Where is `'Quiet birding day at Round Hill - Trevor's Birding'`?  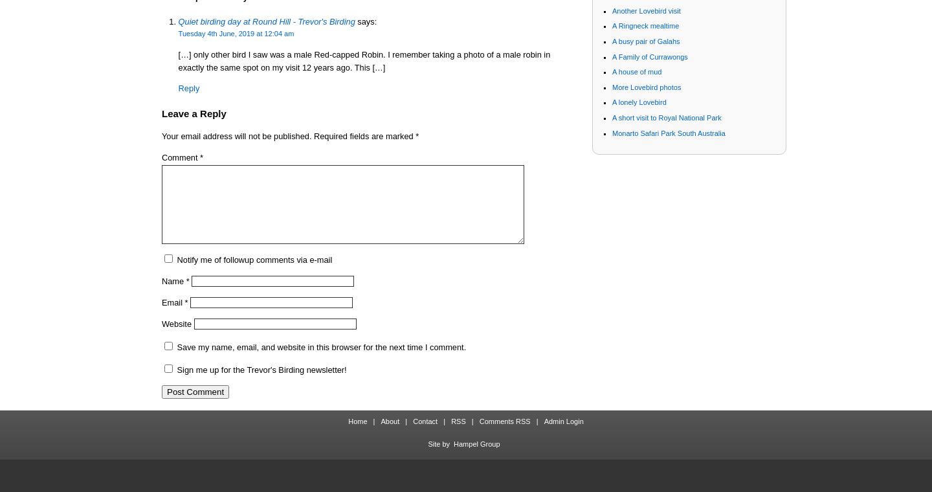 'Quiet birding day at Round Hill - Trevor's Birding' is located at coordinates (265, 21).